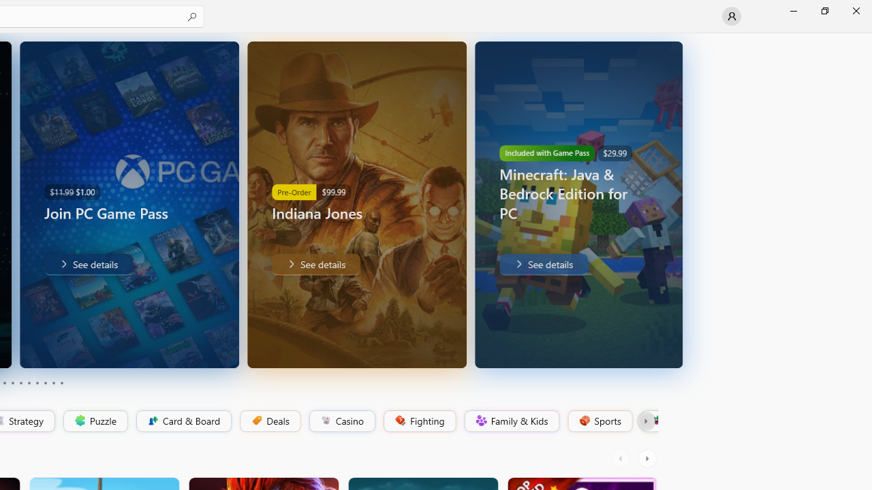  What do you see at coordinates (648, 421) in the screenshot?
I see `'Platformer'` at bounding box center [648, 421].